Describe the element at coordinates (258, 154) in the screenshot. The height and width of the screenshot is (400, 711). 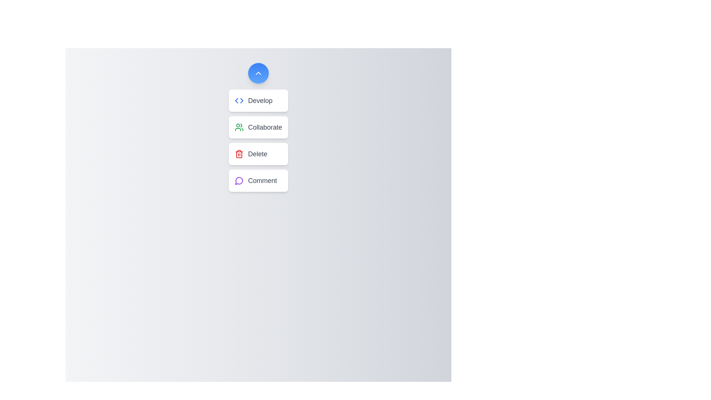
I see `the button labeled Delete` at that location.